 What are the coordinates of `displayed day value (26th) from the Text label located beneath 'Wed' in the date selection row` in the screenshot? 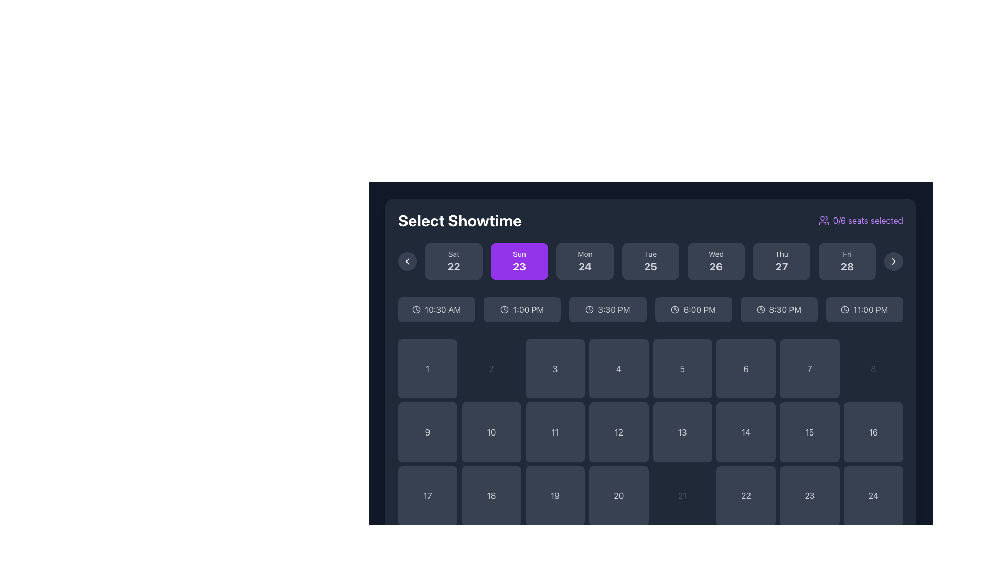 It's located at (715, 266).